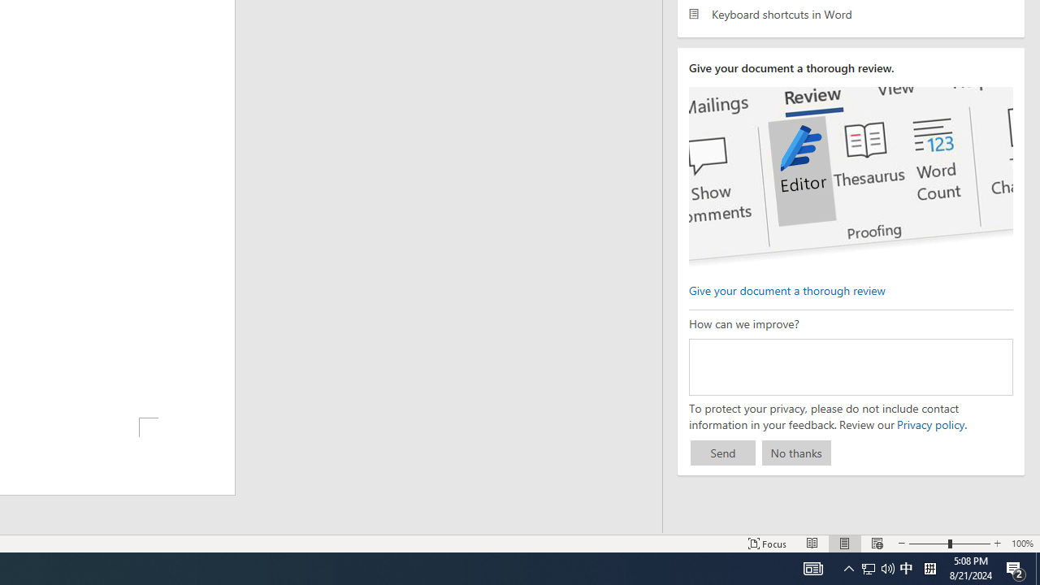  Describe the element at coordinates (949, 544) in the screenshot. I see `'Zoom'` at that location.